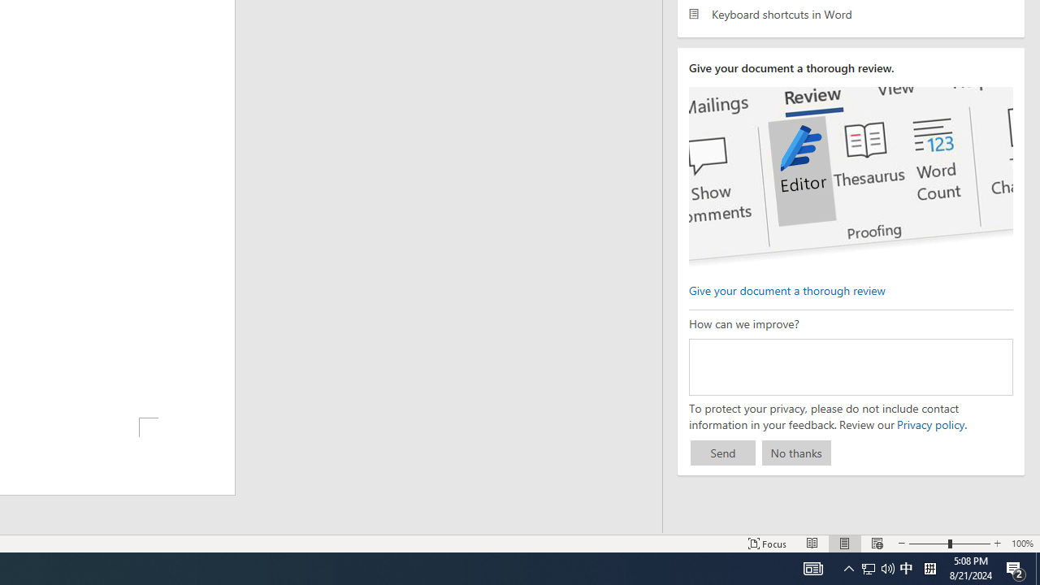  Describe the element at coordinates (949, 544) in the screenshot. I see `'Zoom'` at that location.